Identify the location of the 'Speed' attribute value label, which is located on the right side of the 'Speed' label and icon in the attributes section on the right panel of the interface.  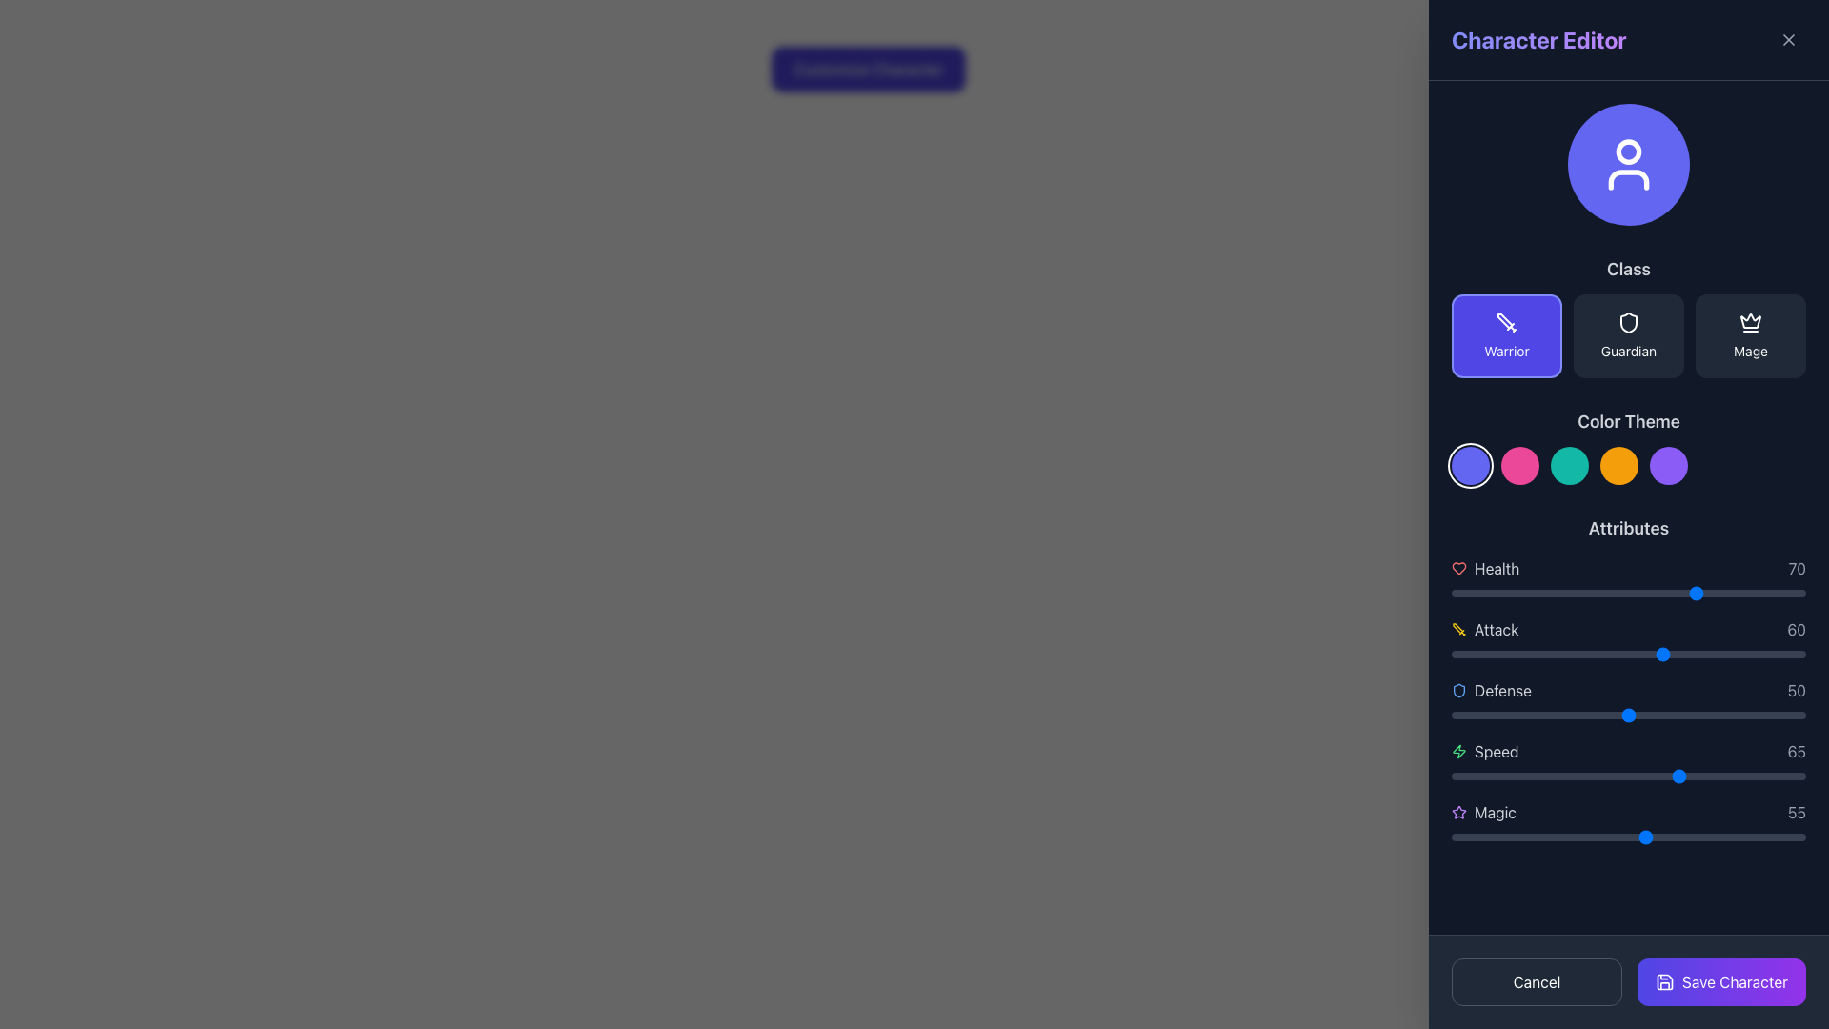
(1796, 751).